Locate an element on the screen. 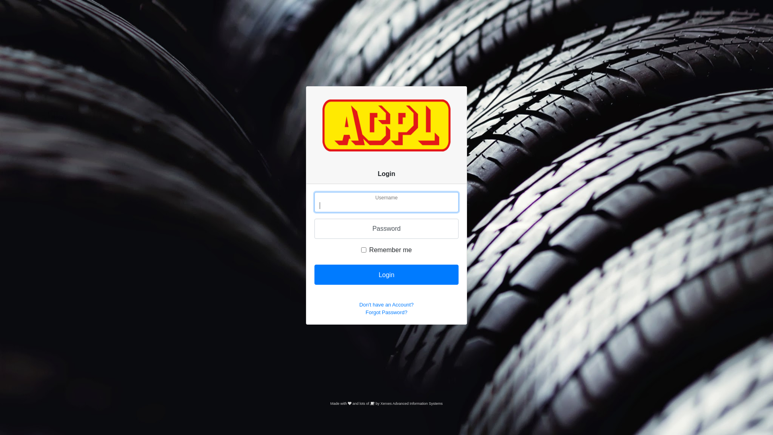 This screenshot has height=435, width=773. 'Login' is located at coordinates (386, 274).